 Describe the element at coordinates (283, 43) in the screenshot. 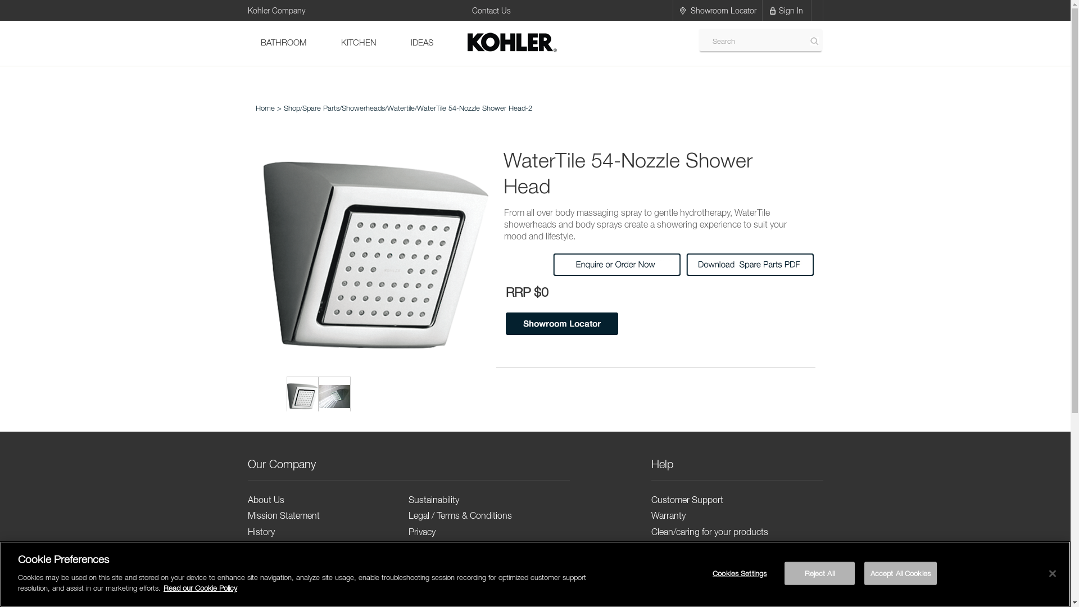

I see `'BATHROOM'` at that location.